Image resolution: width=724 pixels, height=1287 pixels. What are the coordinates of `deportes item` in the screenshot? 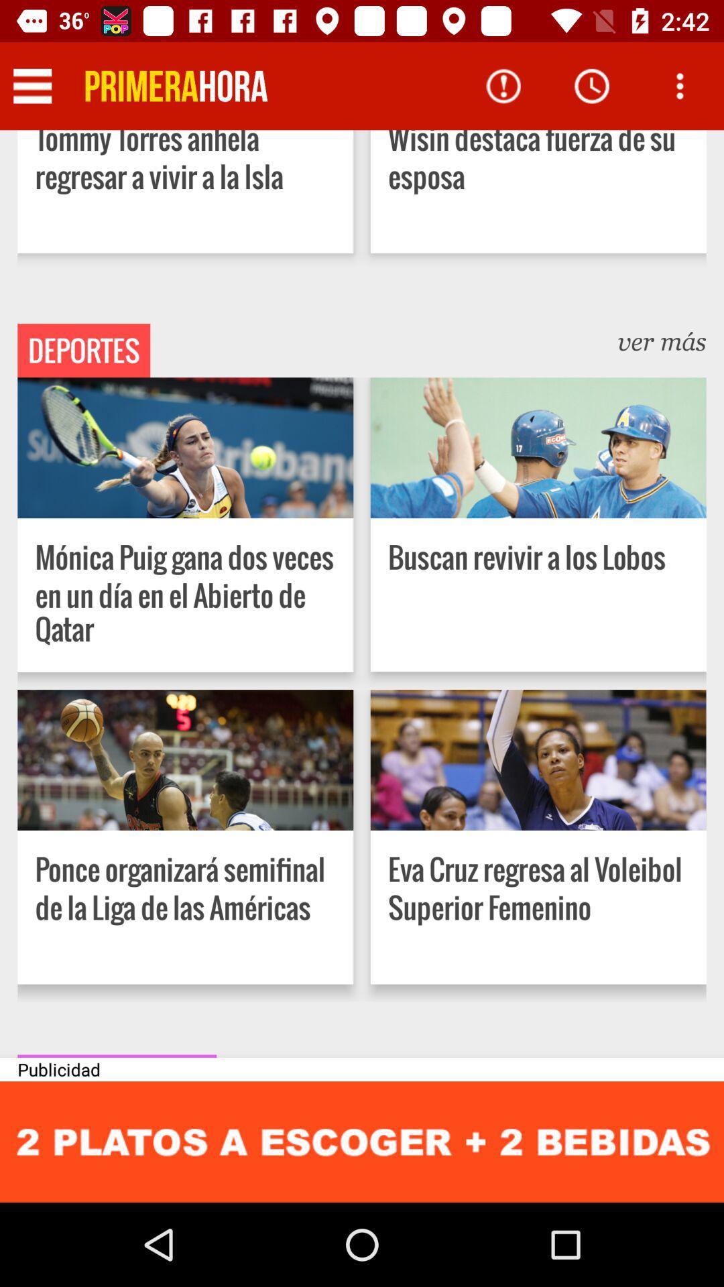 It's located at (84, 351).